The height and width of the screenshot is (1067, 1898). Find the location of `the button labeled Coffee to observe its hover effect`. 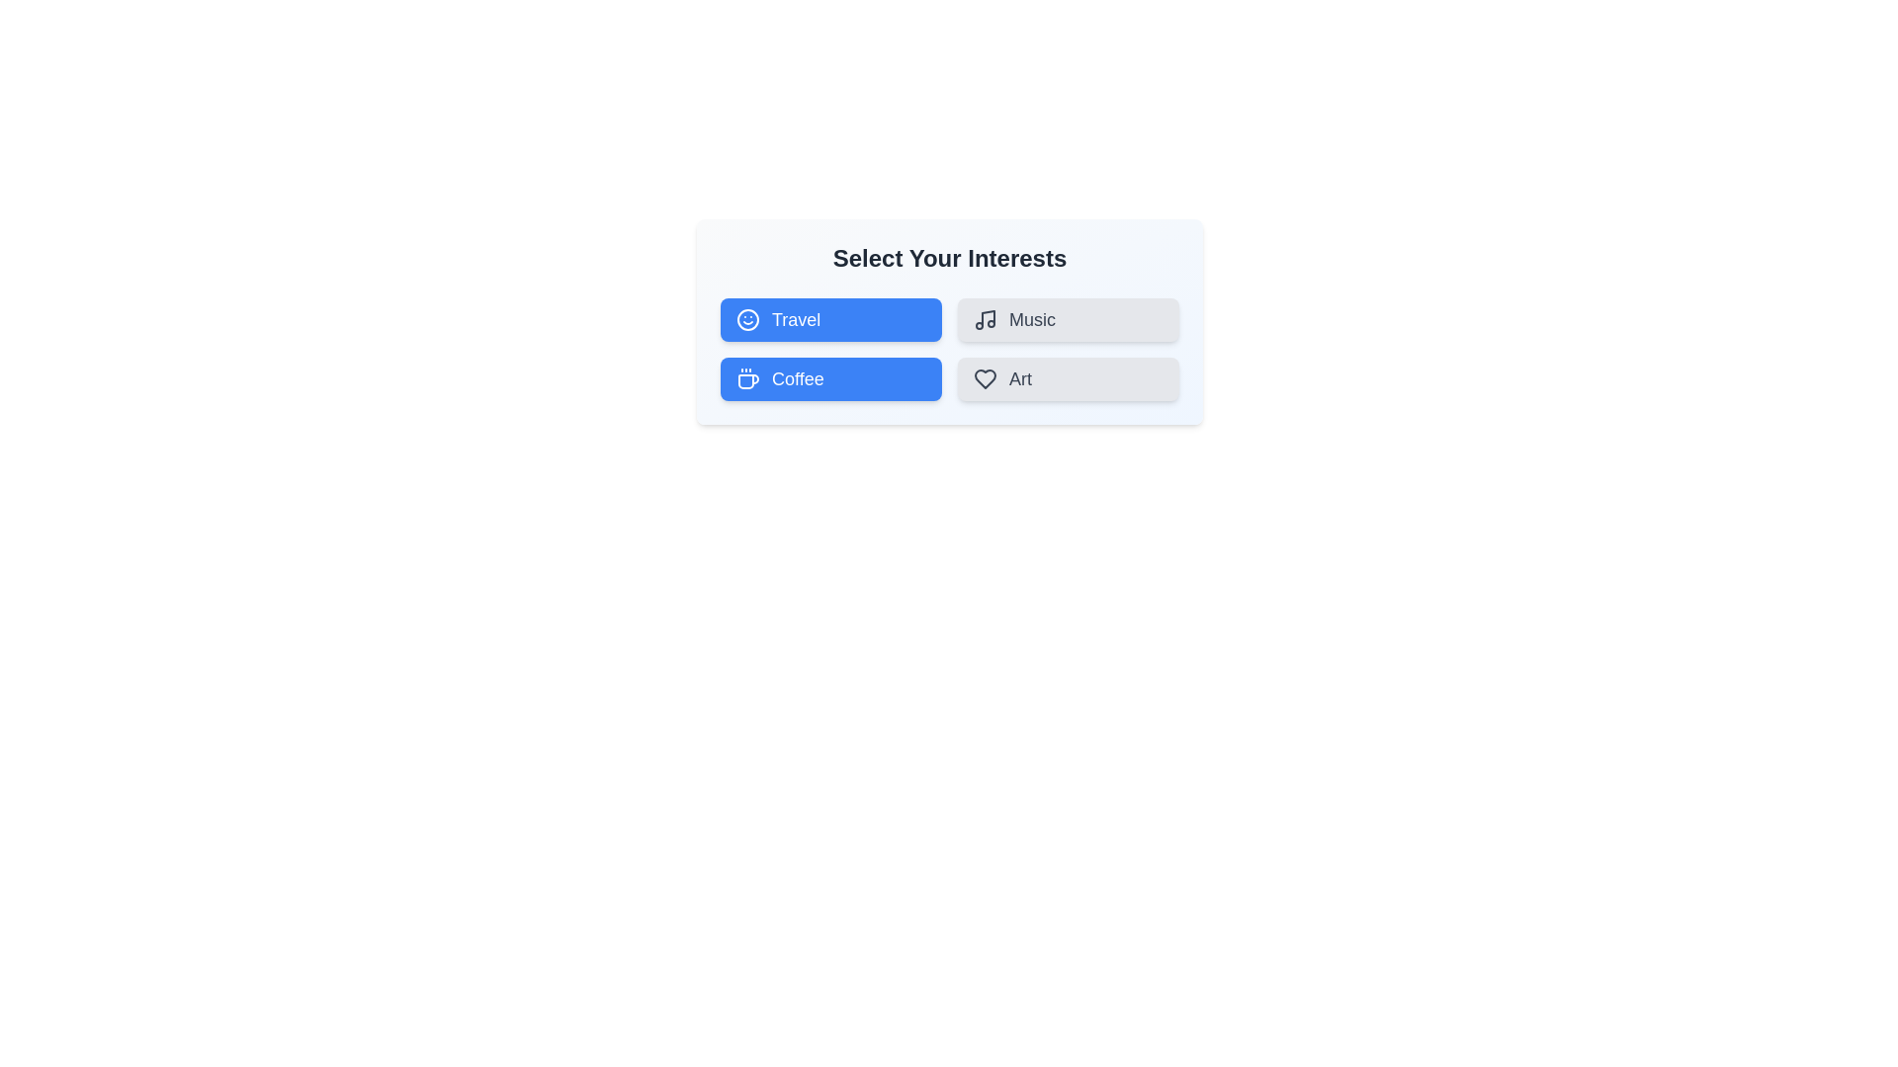

the button labeled Coffee to observe its hover effect is located at coordinates (830, 379).